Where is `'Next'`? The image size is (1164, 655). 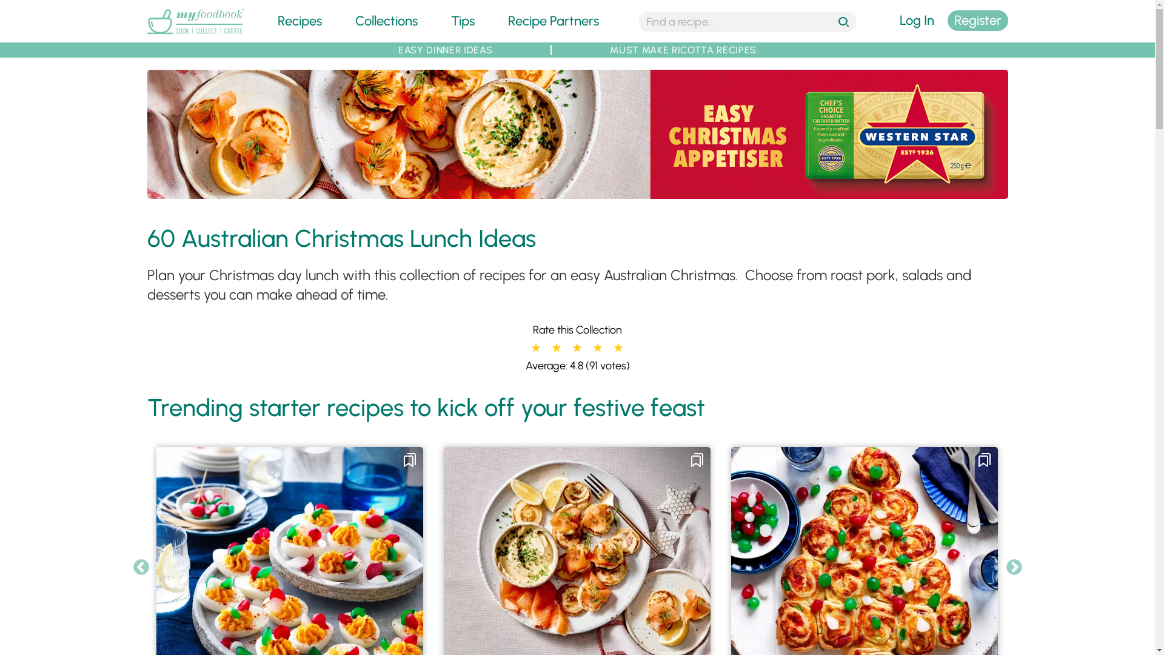 'Next' is located at coordinates (1014, 568).